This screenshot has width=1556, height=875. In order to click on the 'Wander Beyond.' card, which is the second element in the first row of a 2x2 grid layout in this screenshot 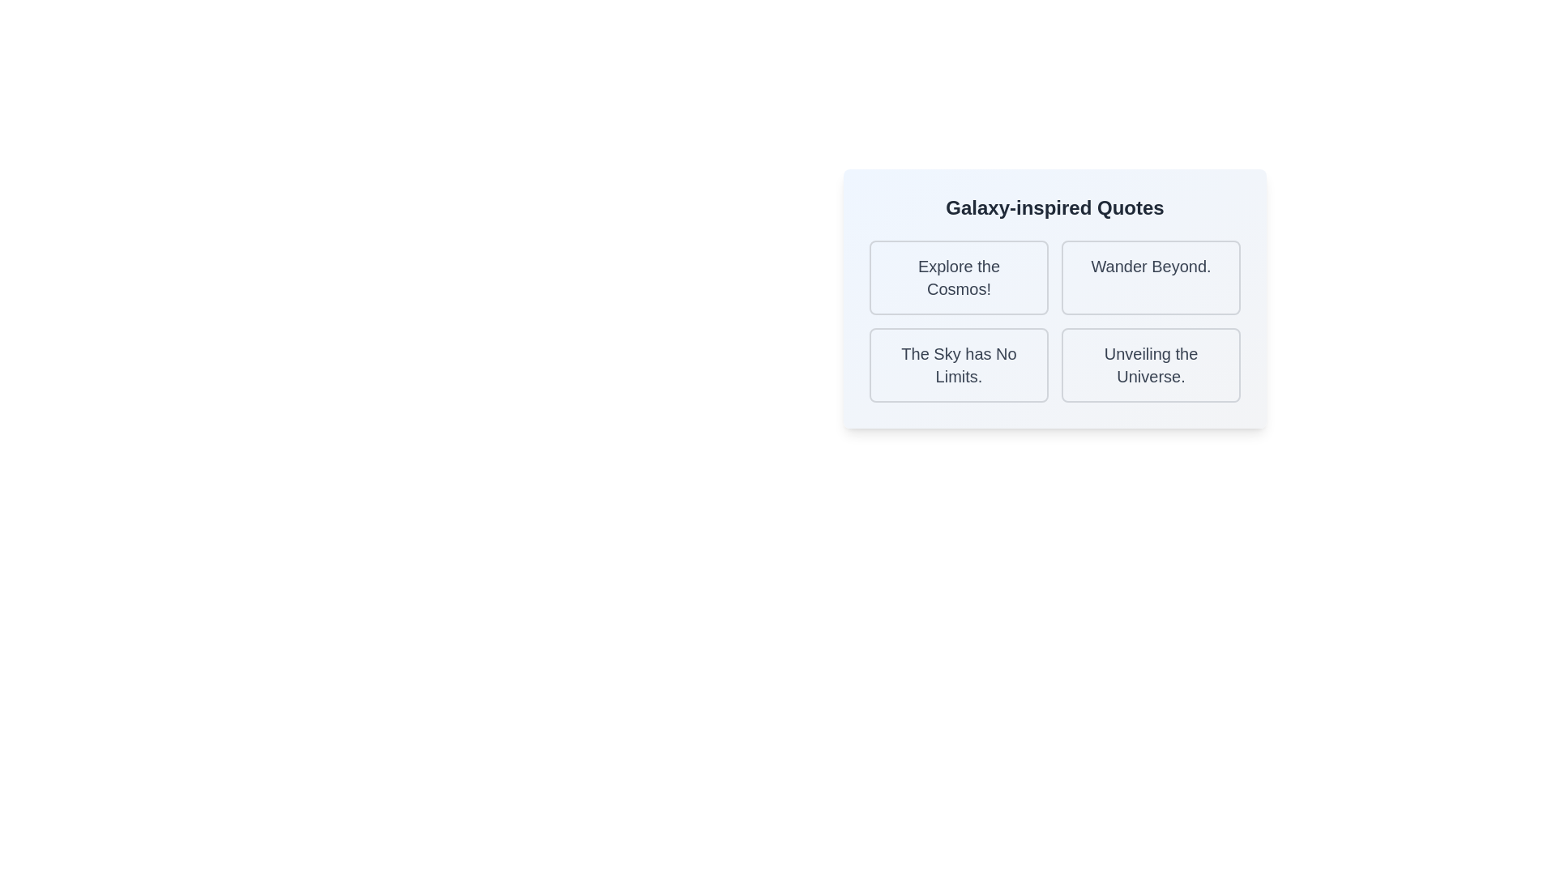, I will do `click(1150, 277)`.